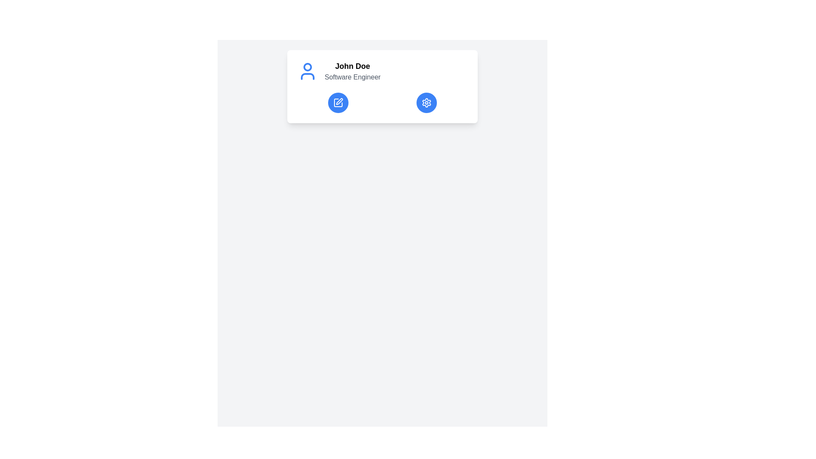  Describe the element at coordinates (338, 102) in the screenshot. I see `the square-shaped icon with a pen drawing symbol inside it, which is the leftmost icon in the row of circular buttons below the user's name and title` at that location.